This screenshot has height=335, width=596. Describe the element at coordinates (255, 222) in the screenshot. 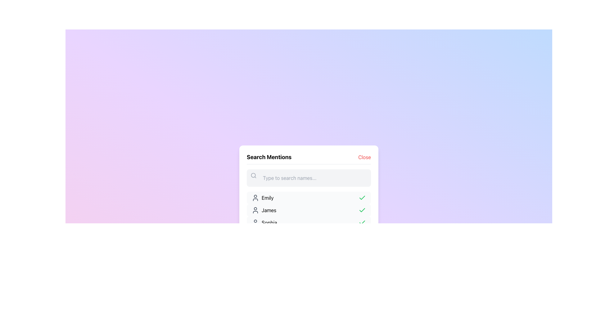

I see `the user icon located to the left of the user name 'Sophia' in the third row of the 'Search Mentions' panel` at that location.